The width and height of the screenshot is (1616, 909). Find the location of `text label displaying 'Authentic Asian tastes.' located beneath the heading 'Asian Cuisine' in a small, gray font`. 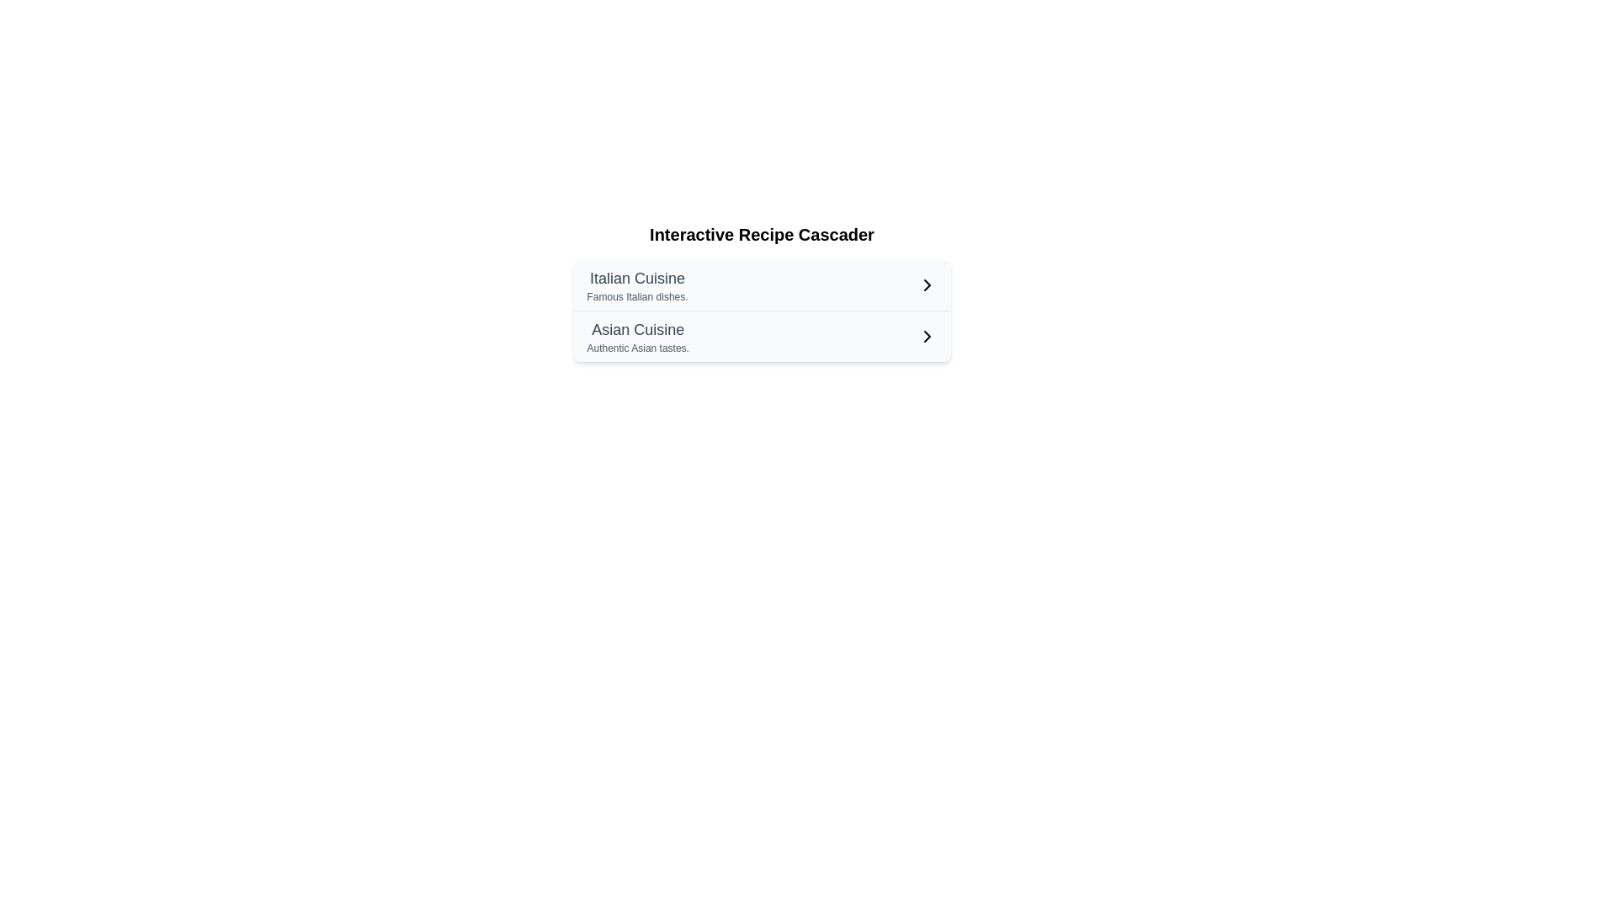

text label displaying 'Authentic Asian tastes.' located beneath the heading 'Asian Cuisine' in a small, gray font is located at coordinates (637, 347).